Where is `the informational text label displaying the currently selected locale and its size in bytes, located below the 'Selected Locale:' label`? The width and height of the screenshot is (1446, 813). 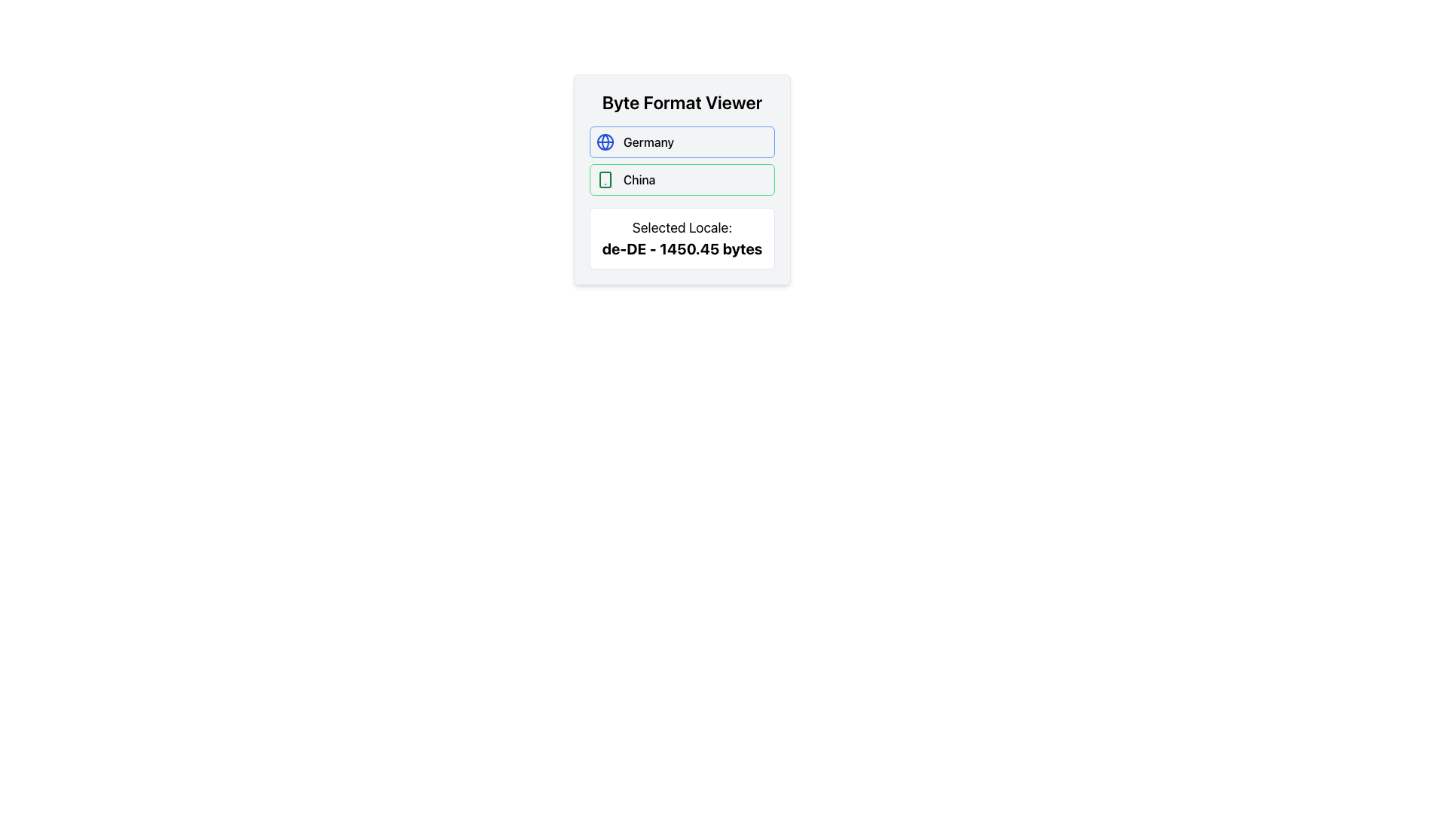 the informational text label displaying the currently selected locale and its size in bytes, located below the 'Selected Locale:' label is located at coordinates (682, 248).